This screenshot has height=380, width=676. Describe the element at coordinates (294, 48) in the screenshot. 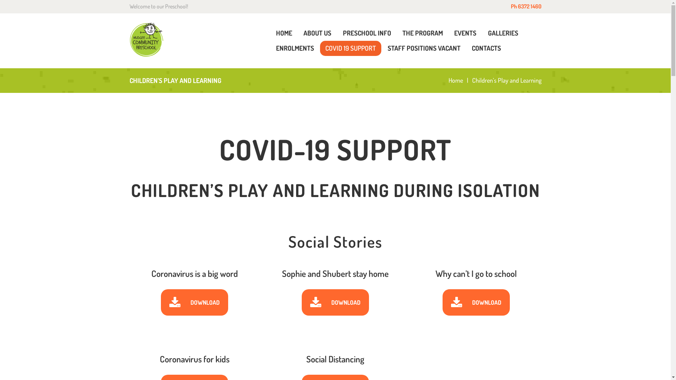

I see `'ENROLMENTS'` at that location.